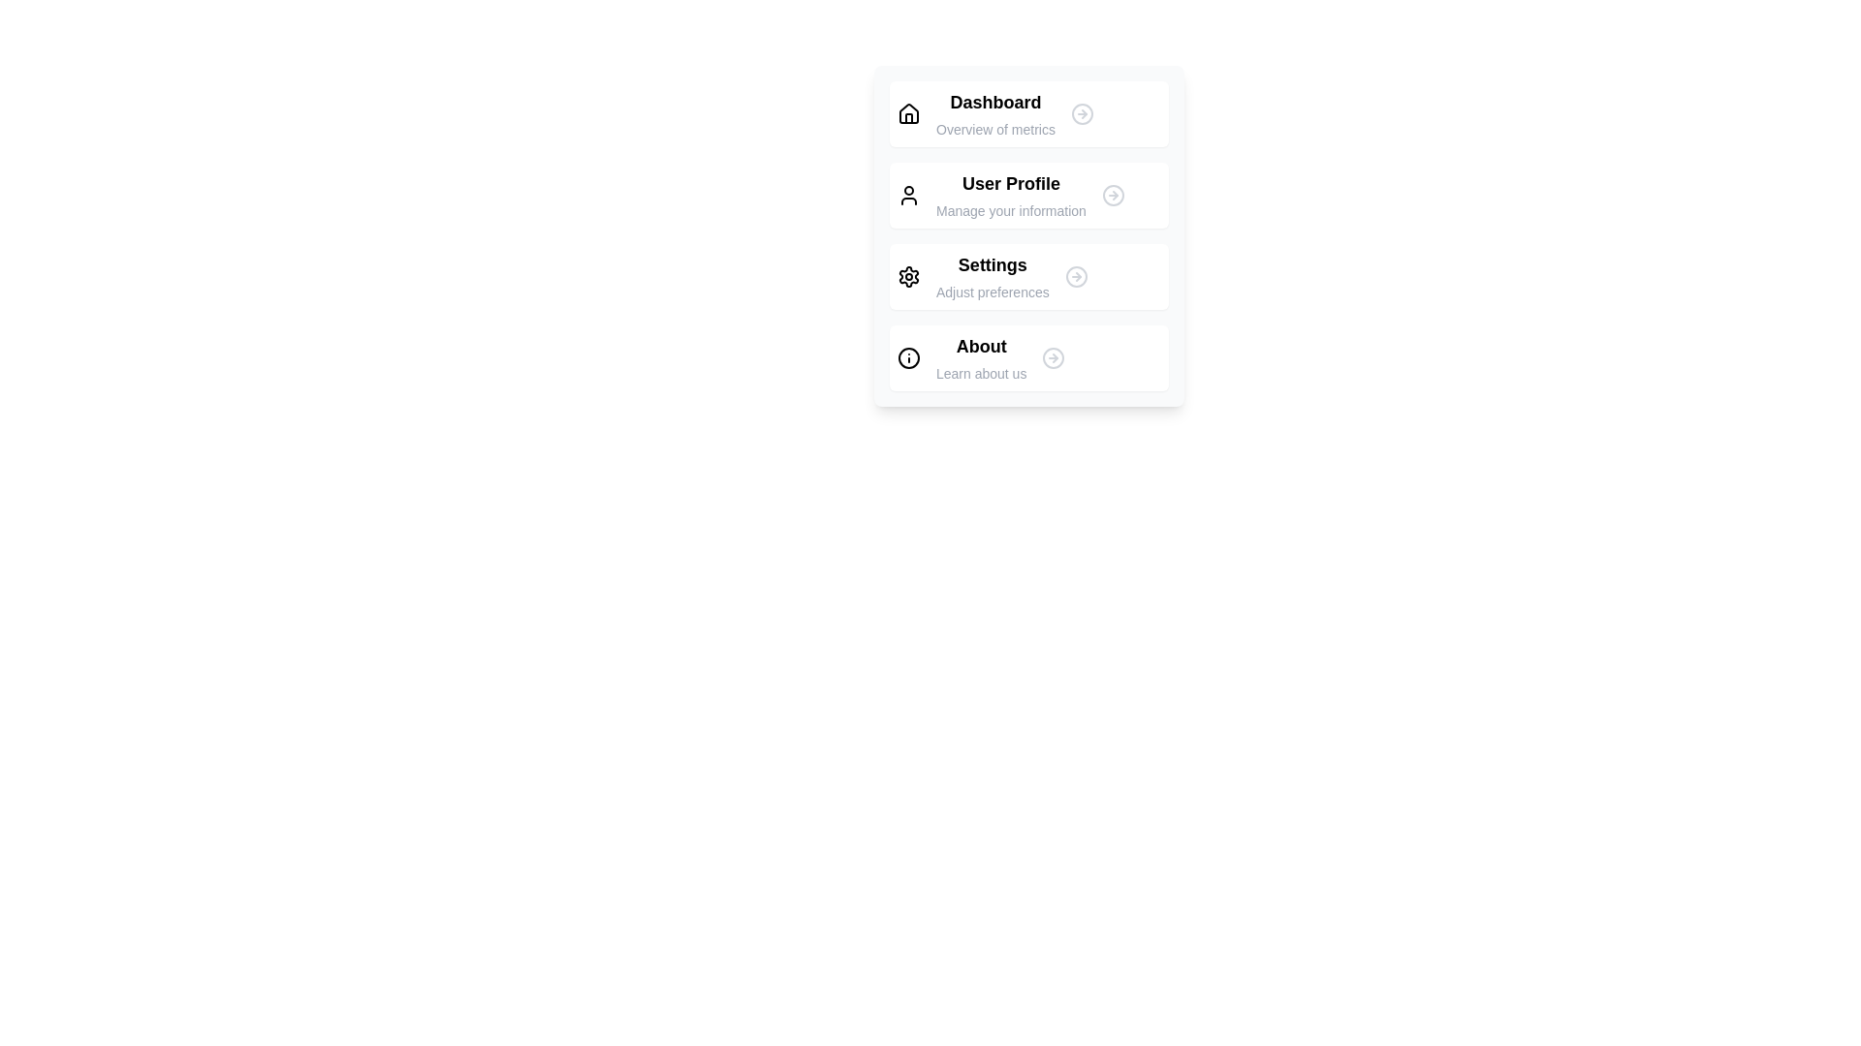 Image resolution: width=1861 pixels, height=1046 pixels. I want to click on the Icon Button that serves as a navigation control for the 'User Profile' section, located at the far right of the row containing the 'User Profile' title and description, so click(1113, 195).